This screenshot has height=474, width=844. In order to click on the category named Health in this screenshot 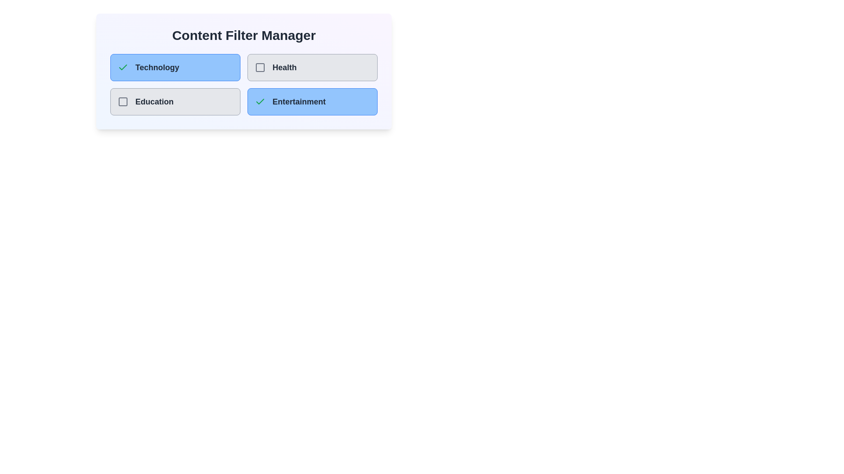, I will do `click(312, 67)`.